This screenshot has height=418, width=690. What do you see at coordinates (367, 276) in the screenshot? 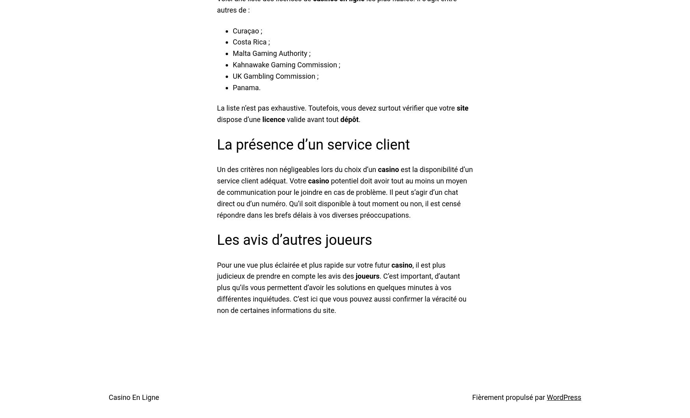
I see `'joueurs'` at bounding box center [367, 276].